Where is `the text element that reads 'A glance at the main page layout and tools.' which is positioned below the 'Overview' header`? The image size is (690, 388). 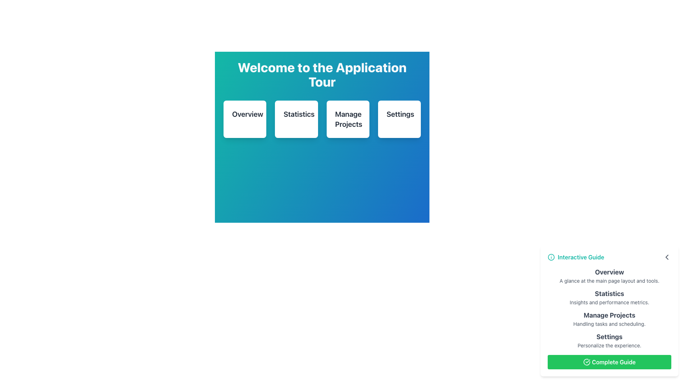 the text element that reads 'A glance at the main page layout and tools.' which is positioned below the 'Overview' header is located at coordinates (609, 281).